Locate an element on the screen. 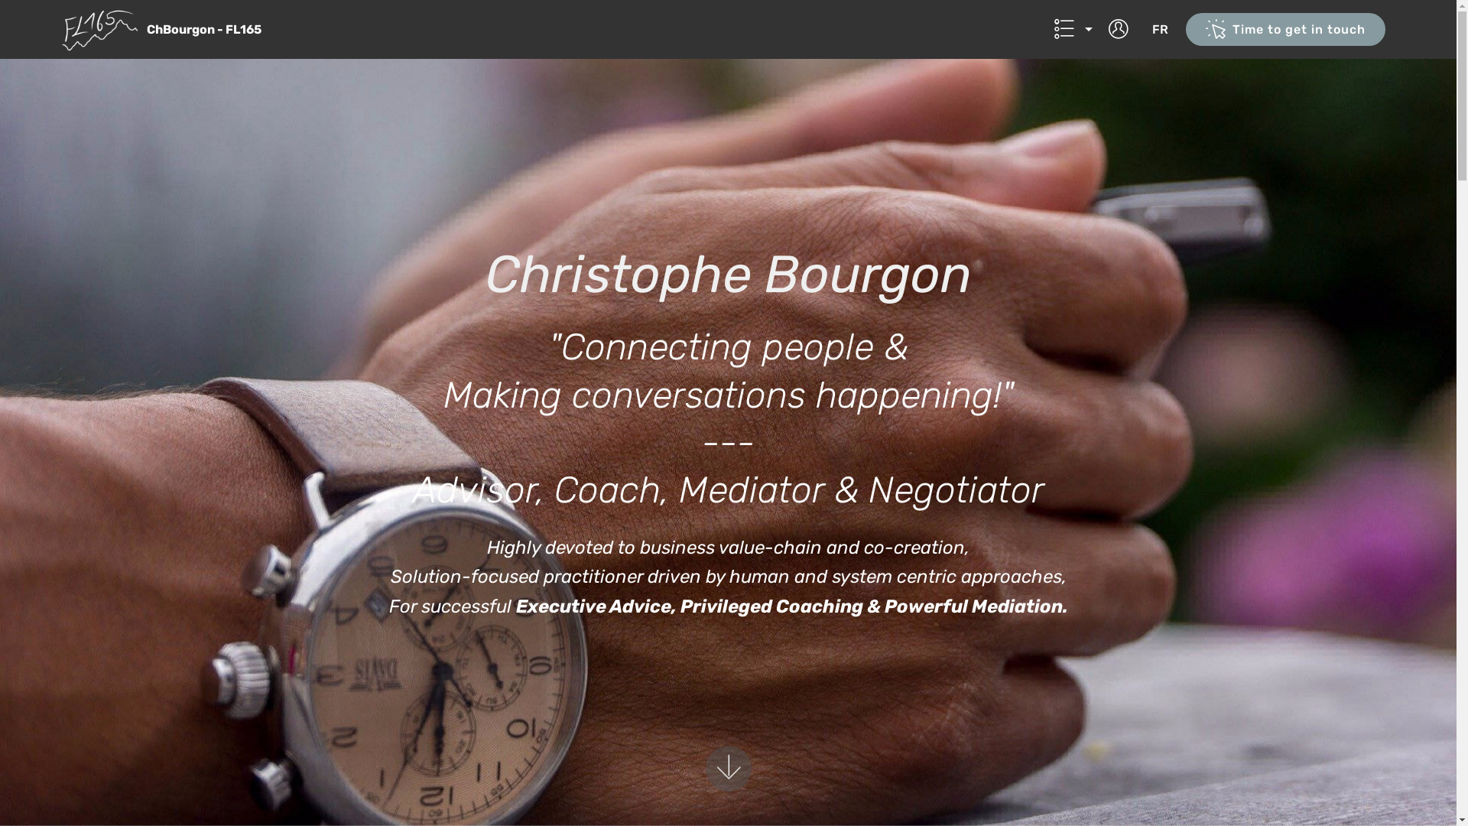  'ChBourgon - FL165' is located at coordinates (216, 29).